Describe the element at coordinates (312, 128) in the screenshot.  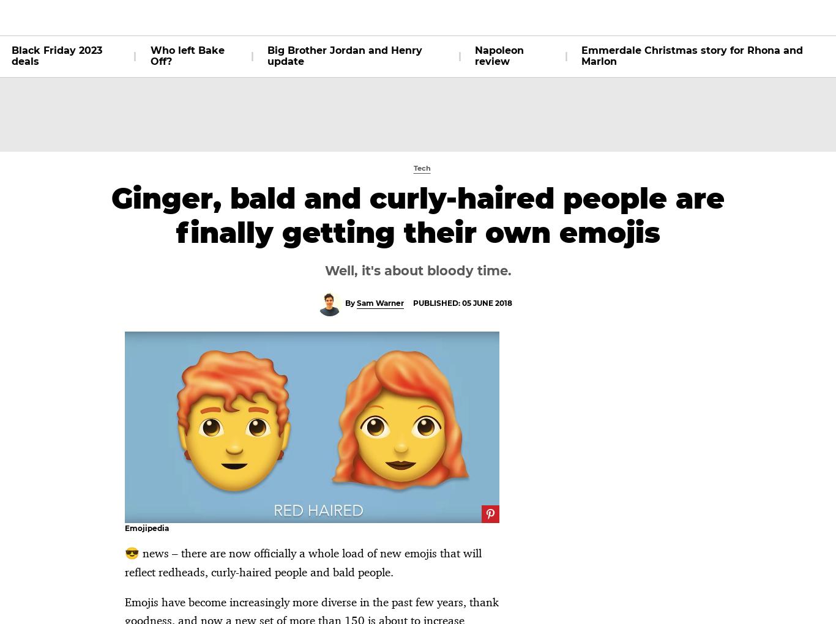
I see `'Black Friday best deals 2023 UK'` at that location.